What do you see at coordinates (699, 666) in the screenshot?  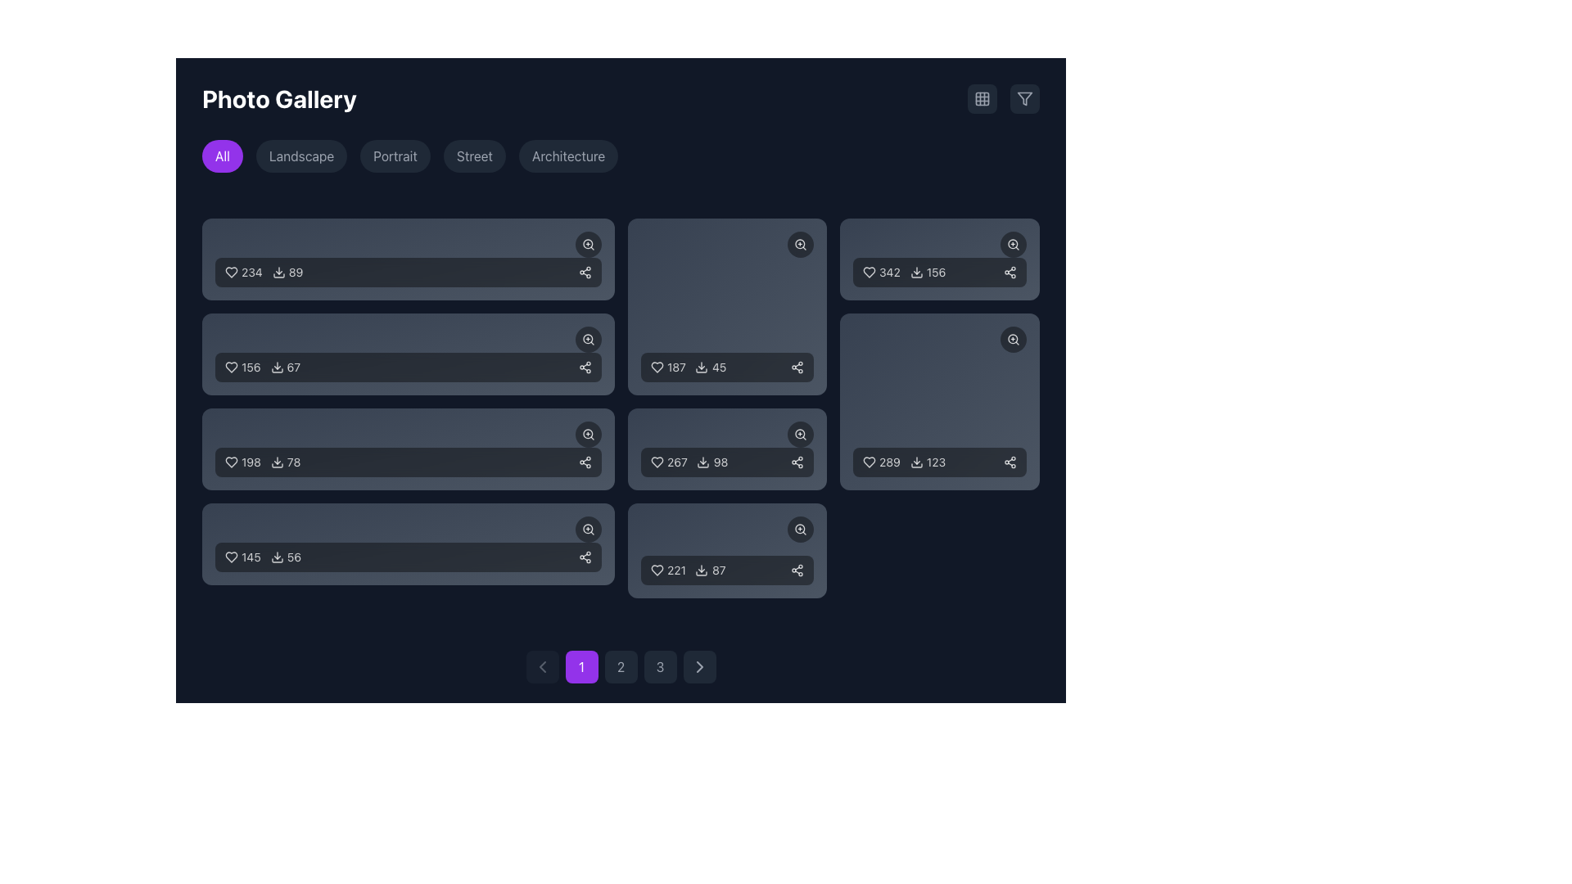 I see `the chevron icon within the button located in the bottom-right corner of the pagination bar` at bounding box center [699, 666].